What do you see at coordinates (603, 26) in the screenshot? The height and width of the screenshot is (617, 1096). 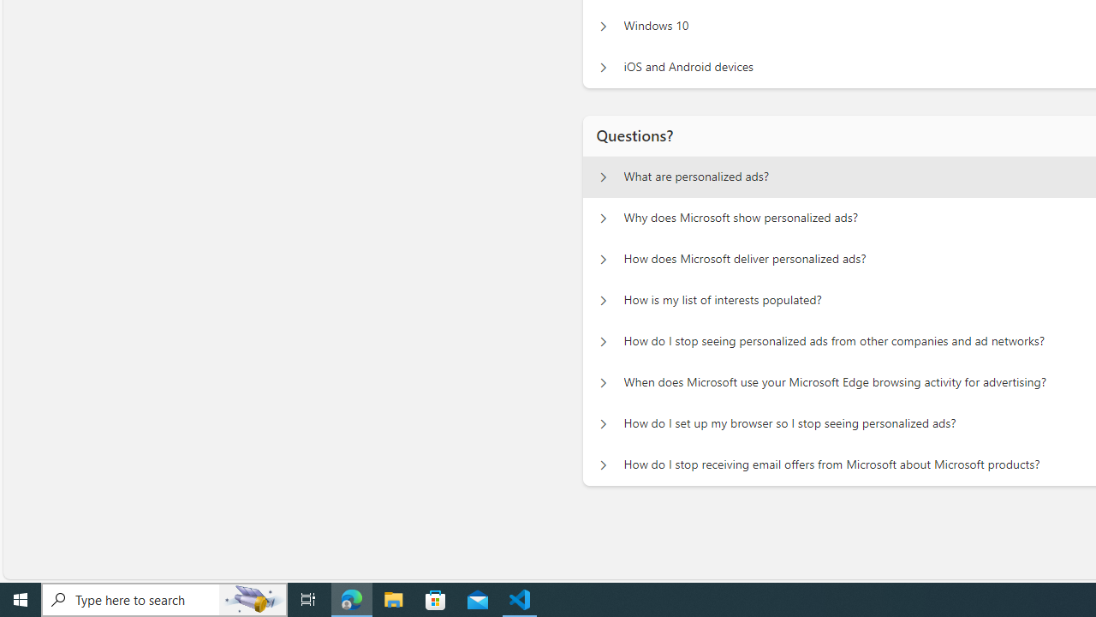 I see `'Manage personalized ads on your device Windows 10'` at bounding box center [603, 26].